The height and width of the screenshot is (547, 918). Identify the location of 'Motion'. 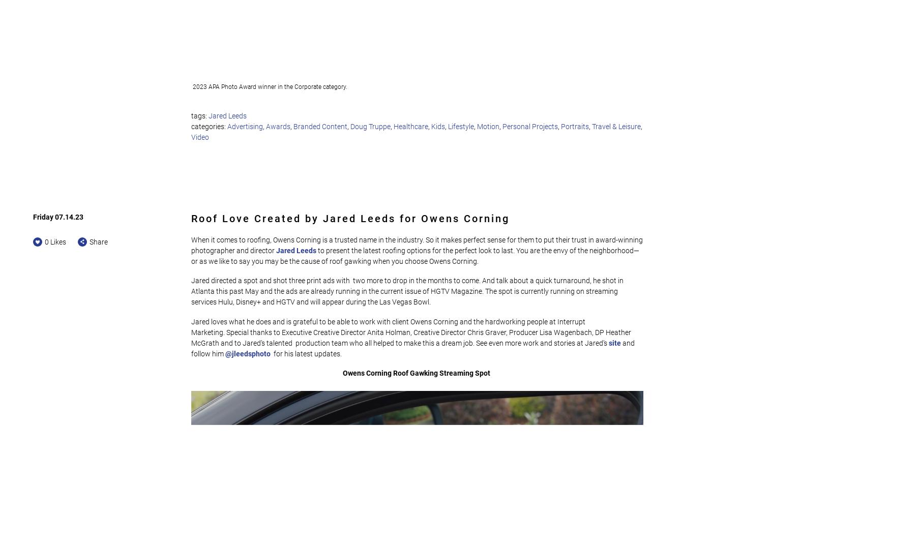
(477, 126).